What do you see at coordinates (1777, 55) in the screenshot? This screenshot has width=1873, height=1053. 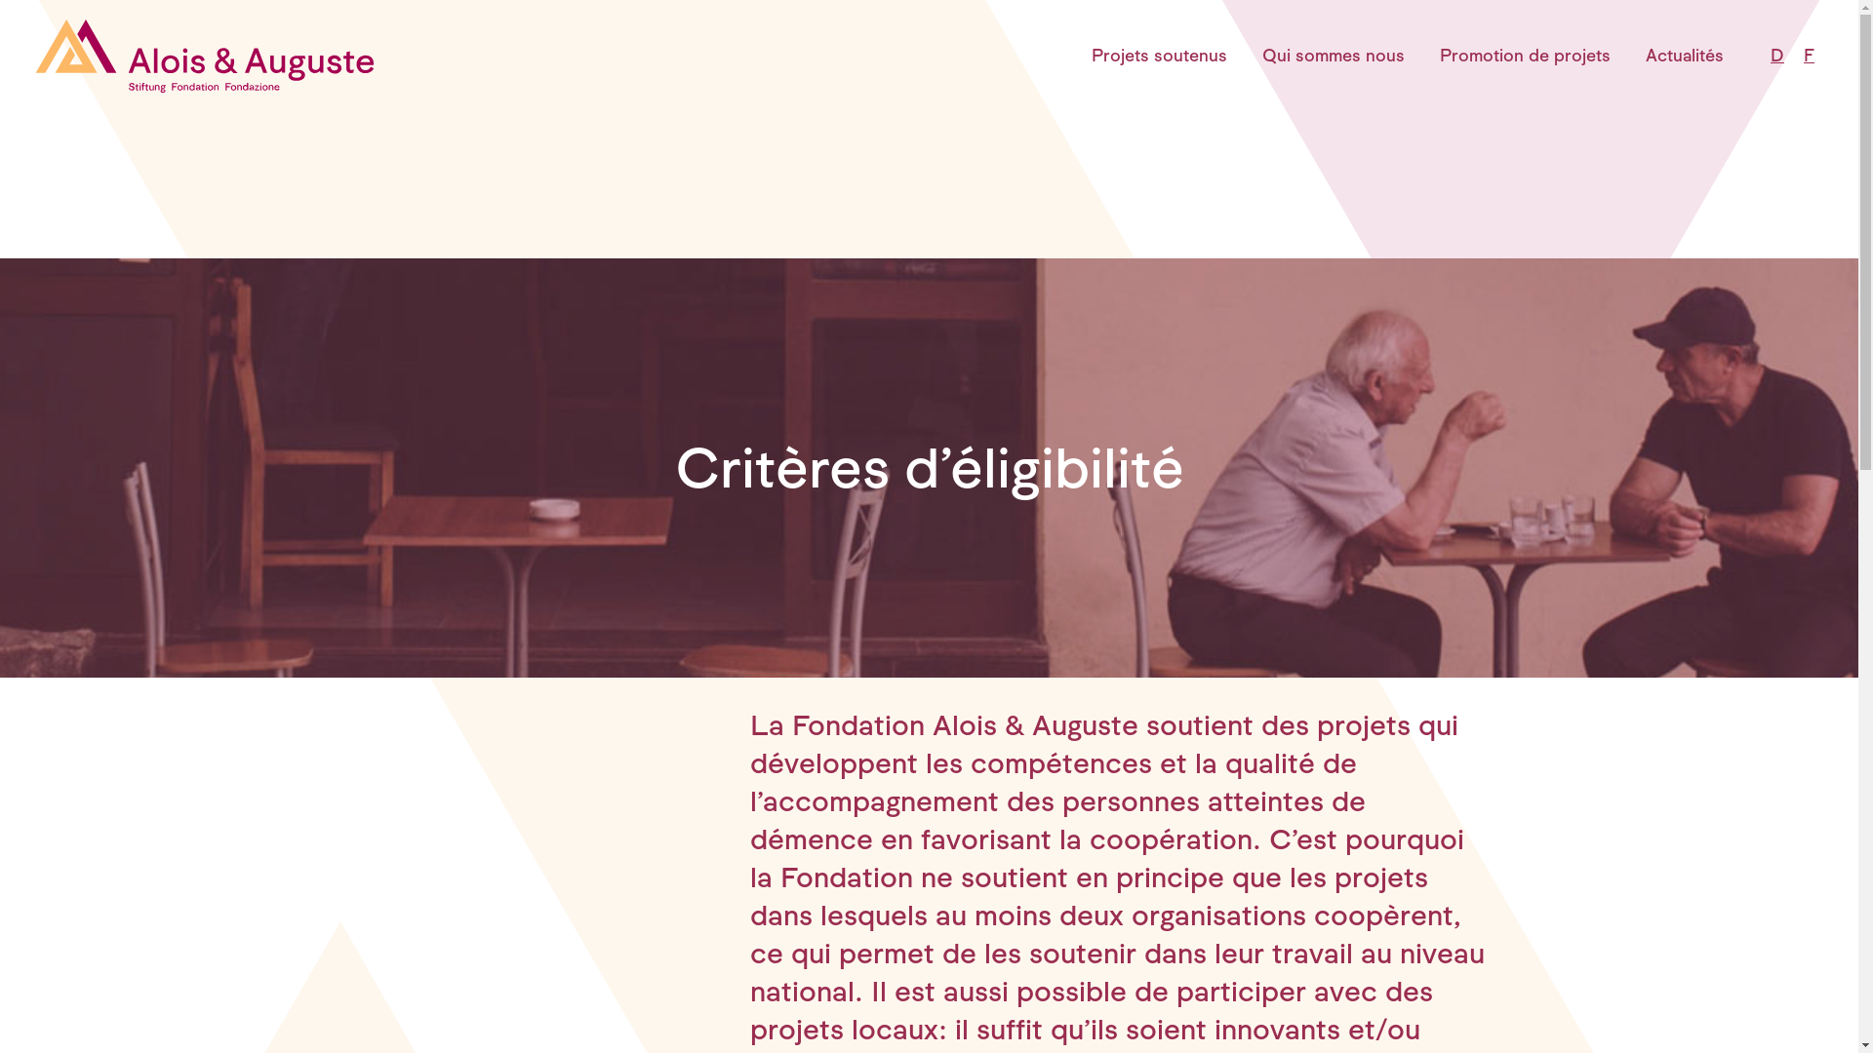 I see `'D'` at bounding box center [1777, 55].